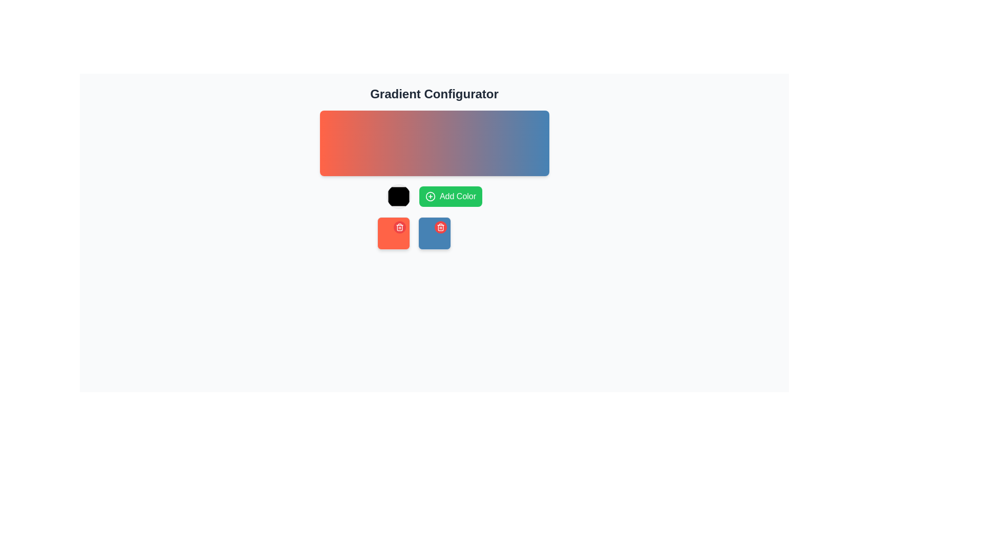  I want to click on the button for adding a new color option to the gradient configuration, so click(434, 197).